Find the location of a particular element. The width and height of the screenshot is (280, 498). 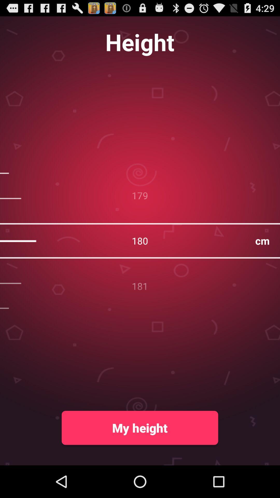

the my height icon is located at coordinates (139, 428).